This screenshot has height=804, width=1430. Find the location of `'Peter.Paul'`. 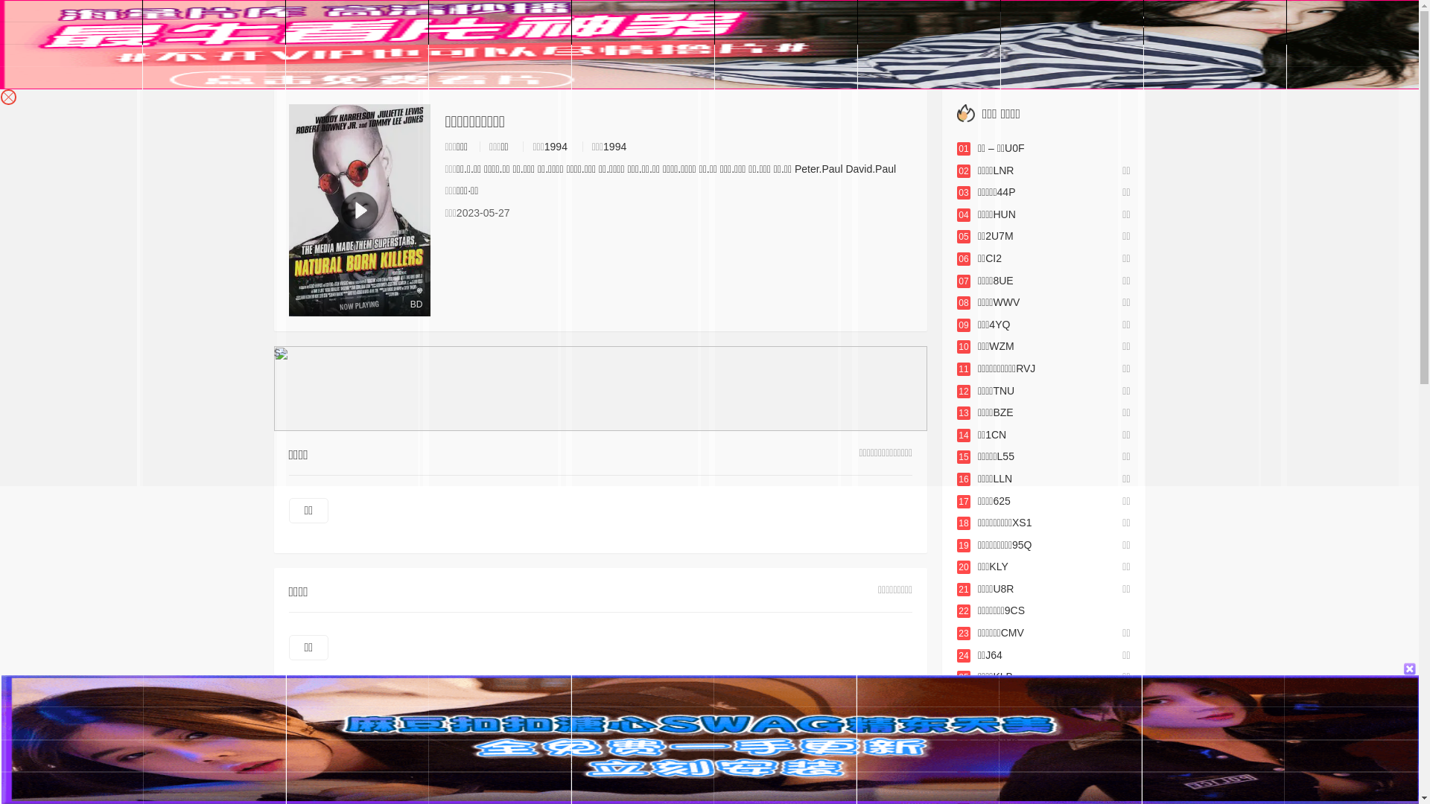

'Peter.Paul' is located at coordinates (818, 168).